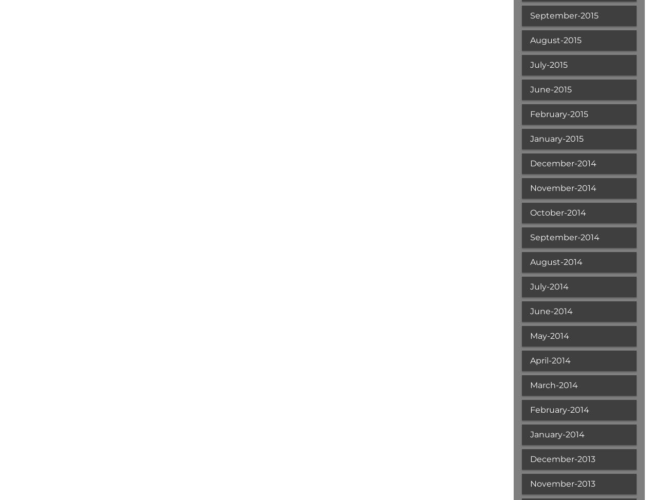 The width and height of the screenshot is (670, 500). What do you see at coordinates (562, 188) in the screenshot?
I see `'November-2014'` at bounding box center [562, 188].